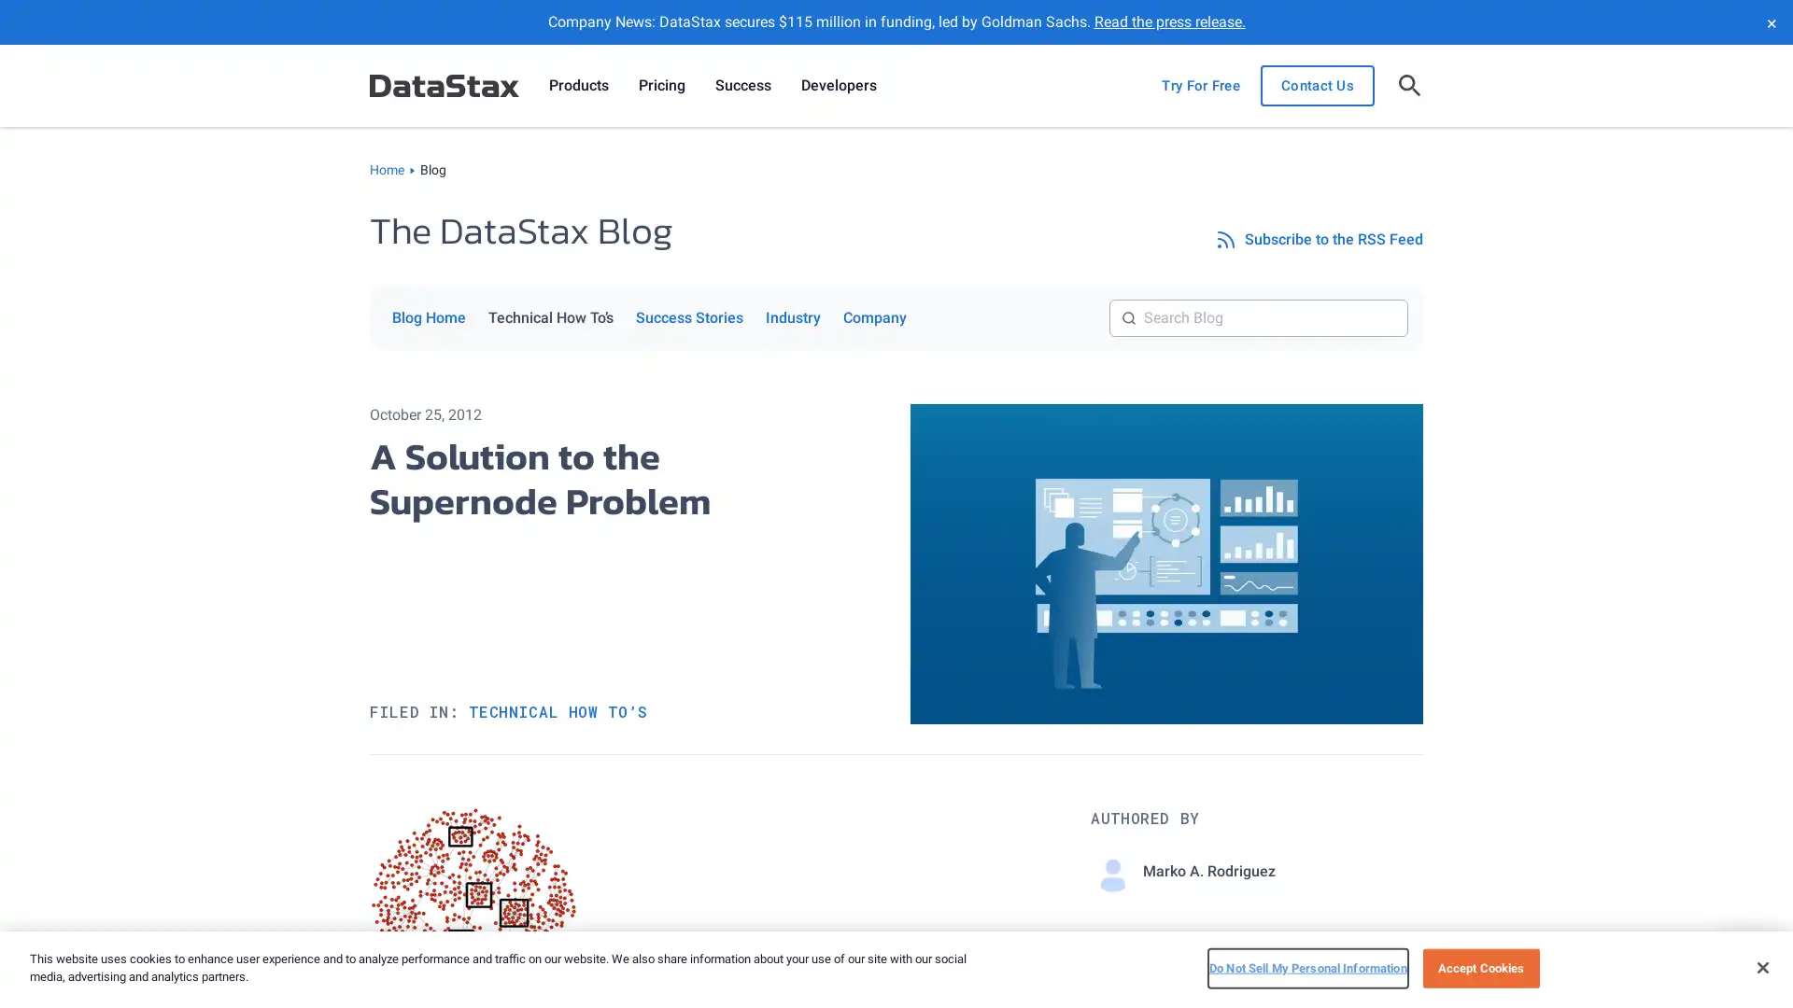 The width and height of the screenshot is (1793, 1008). What do you see at coordinates (1479, 967) in the screenshot?
I see `Accept Cookies` at bounding box center [1479, 967].